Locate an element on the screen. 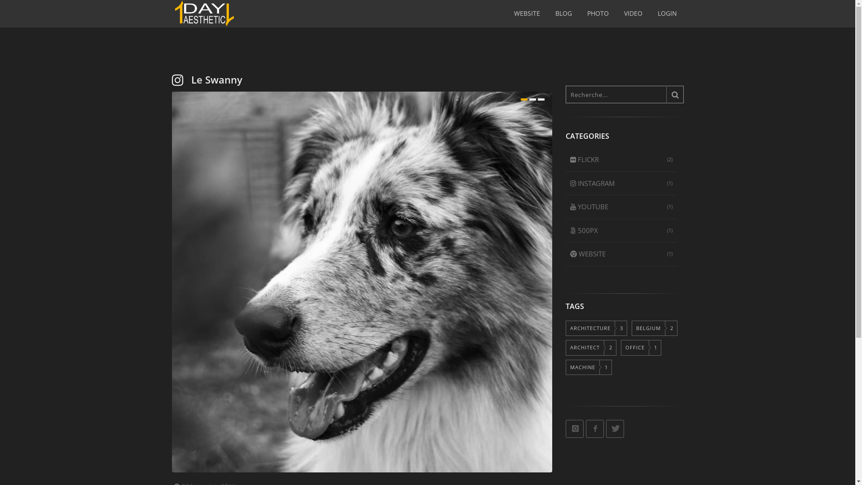  'LOGIN' is located at coordinates (667, 13).